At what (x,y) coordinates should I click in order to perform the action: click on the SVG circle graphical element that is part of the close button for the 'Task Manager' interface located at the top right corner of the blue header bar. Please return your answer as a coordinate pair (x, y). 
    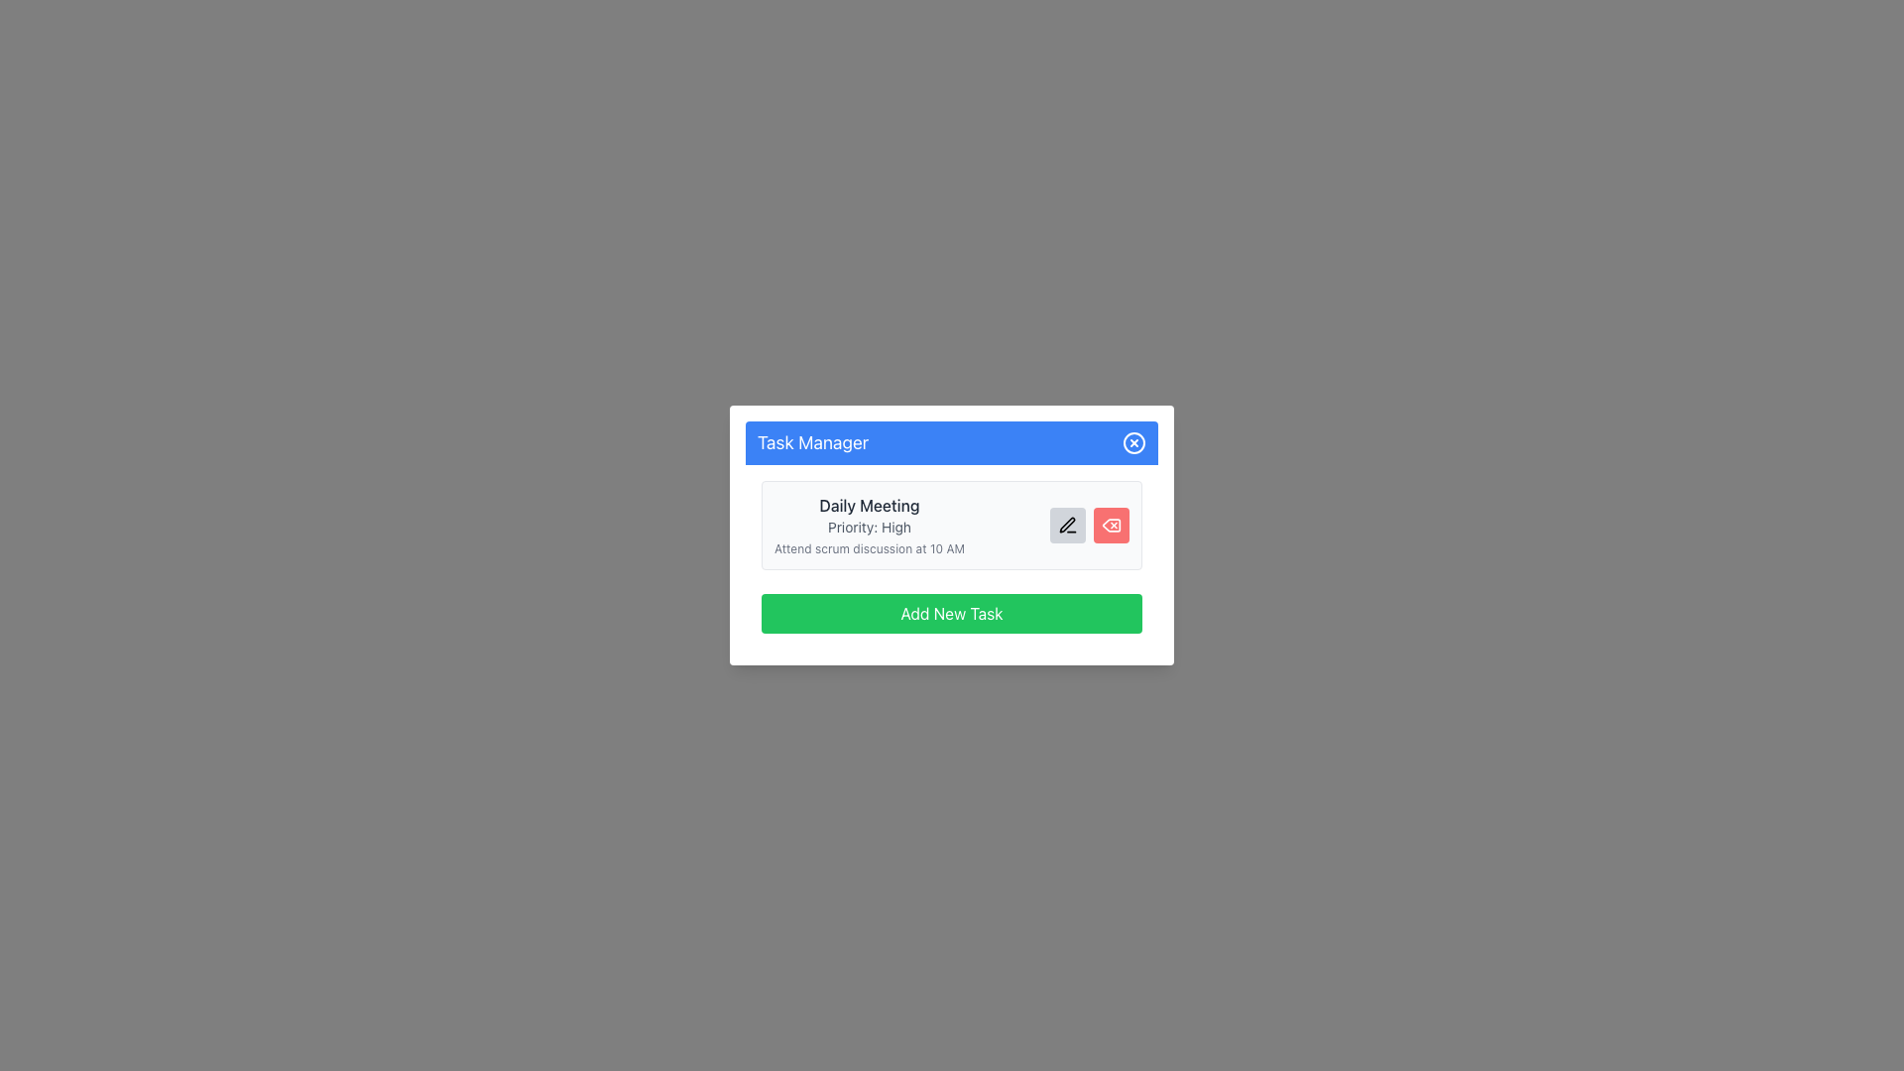
    Looking at the image, I should click on (1133, 442).